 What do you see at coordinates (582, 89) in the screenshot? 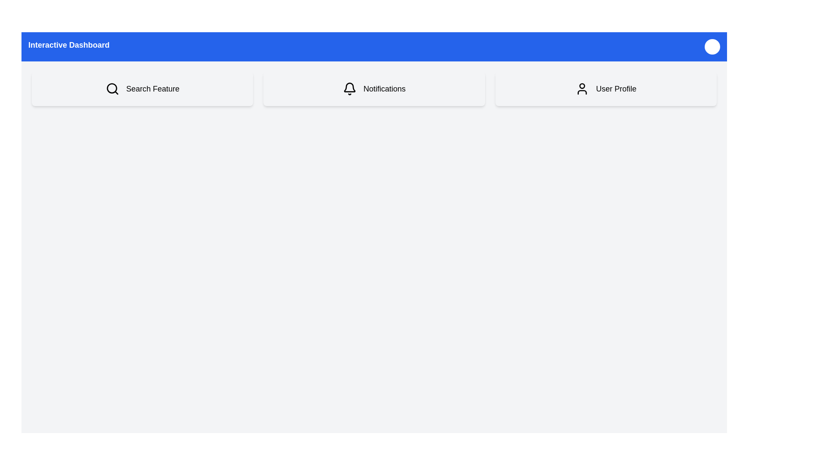
I see `the user profile icon, which is a minimalistic black symbol resembling a head and shoulders, located in the third card of the horizontal row` at bounding box center [582, 89].